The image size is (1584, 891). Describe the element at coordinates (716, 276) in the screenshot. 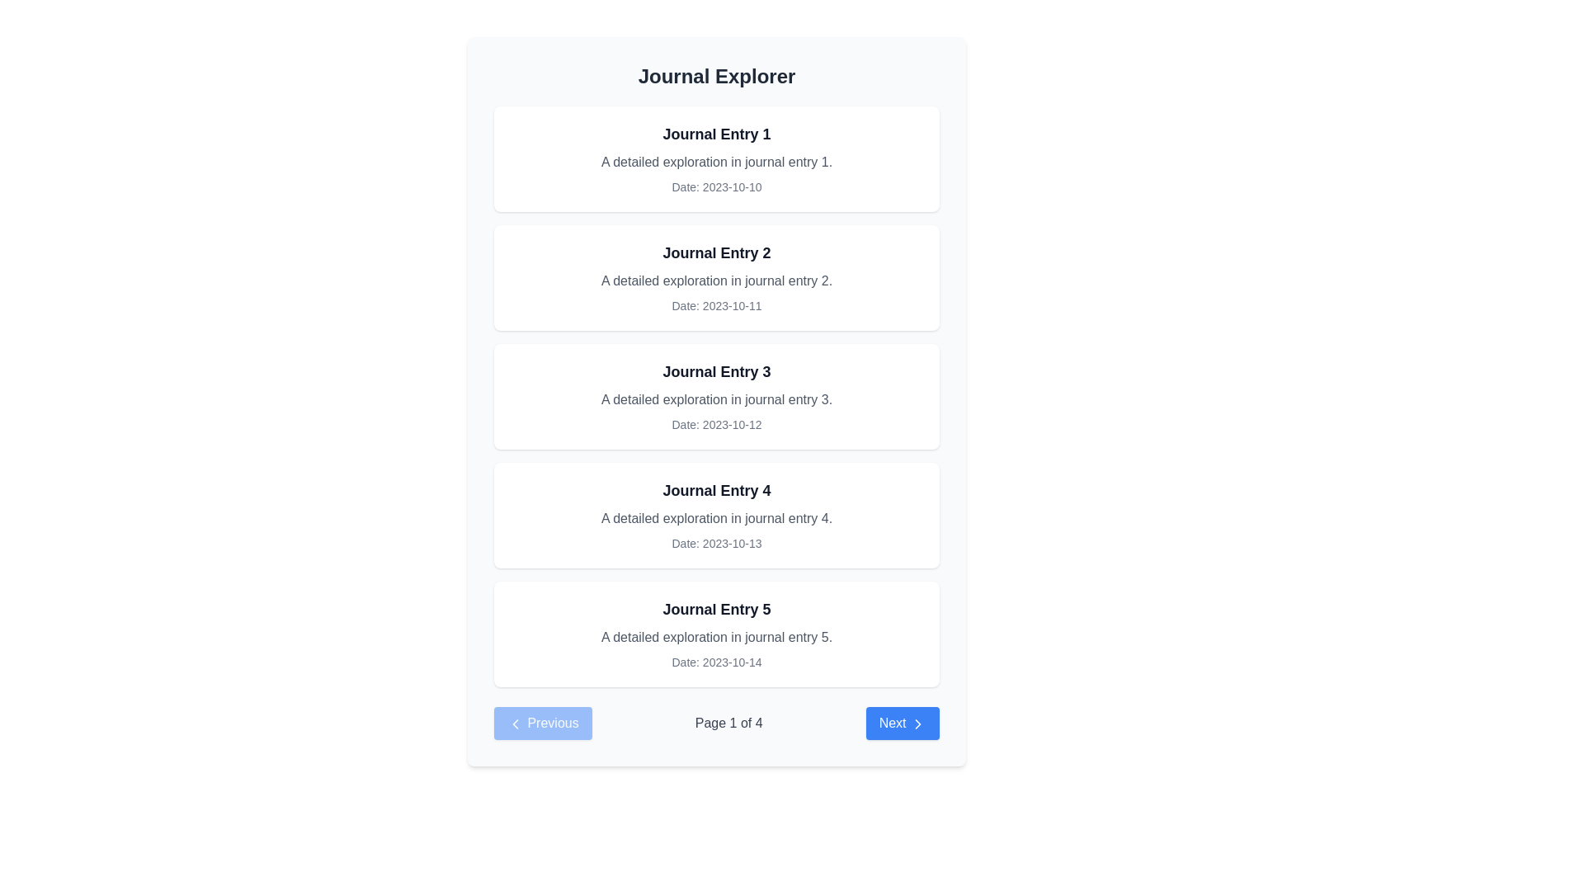

I see `text from the Information Panel titled 'Journal Entry 2', which contains the subtitle 'A detailed exploration in journal entry 2.' and the date 'Date: 2023-10-11'` at that location.